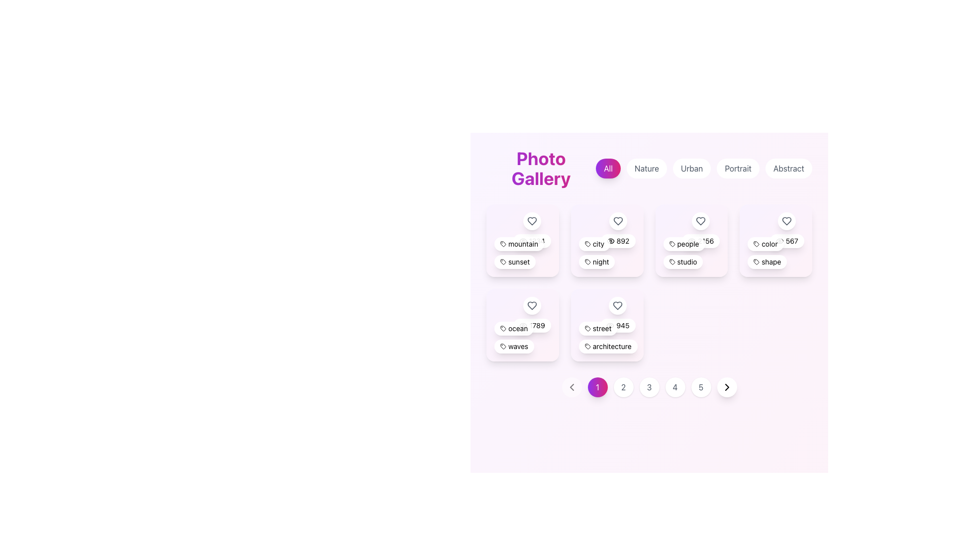 Image resolution: width=955 pixels, height=537 pixels. Describe the element at coordinates (531, 220) in the screenshot. I see `the heart icon button located at the top-left corner inside the card labeled 'mountain' to mark it as favorite` at that location.